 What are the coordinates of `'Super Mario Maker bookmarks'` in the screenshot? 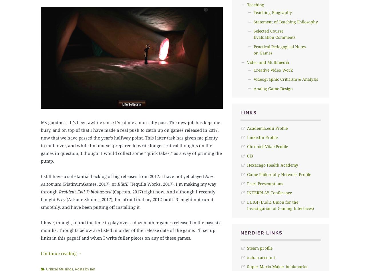 It's located at (277, 266).